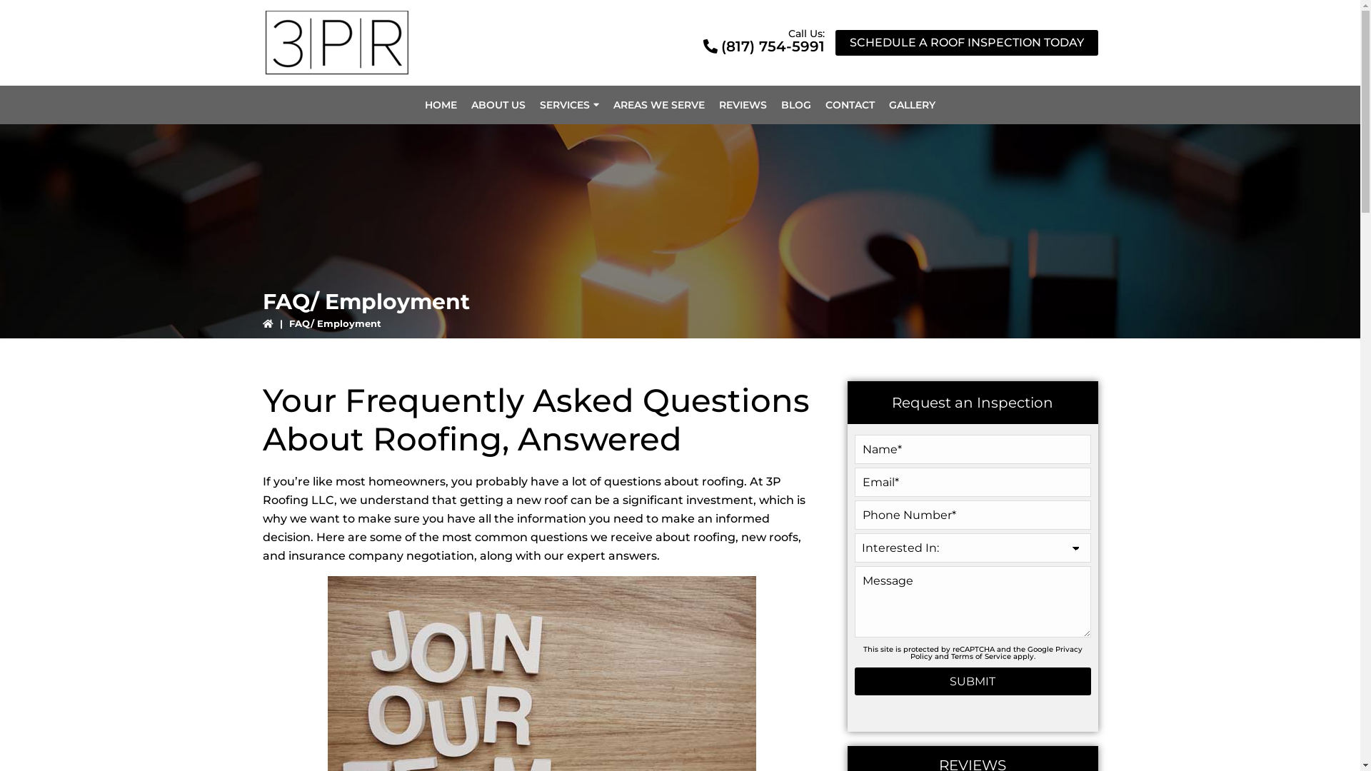 The height and width of the screenshot is (771, 1371). Describe the element at coordinates (880, 104) in the screenshot. I see `'GALLERY'` at that location.